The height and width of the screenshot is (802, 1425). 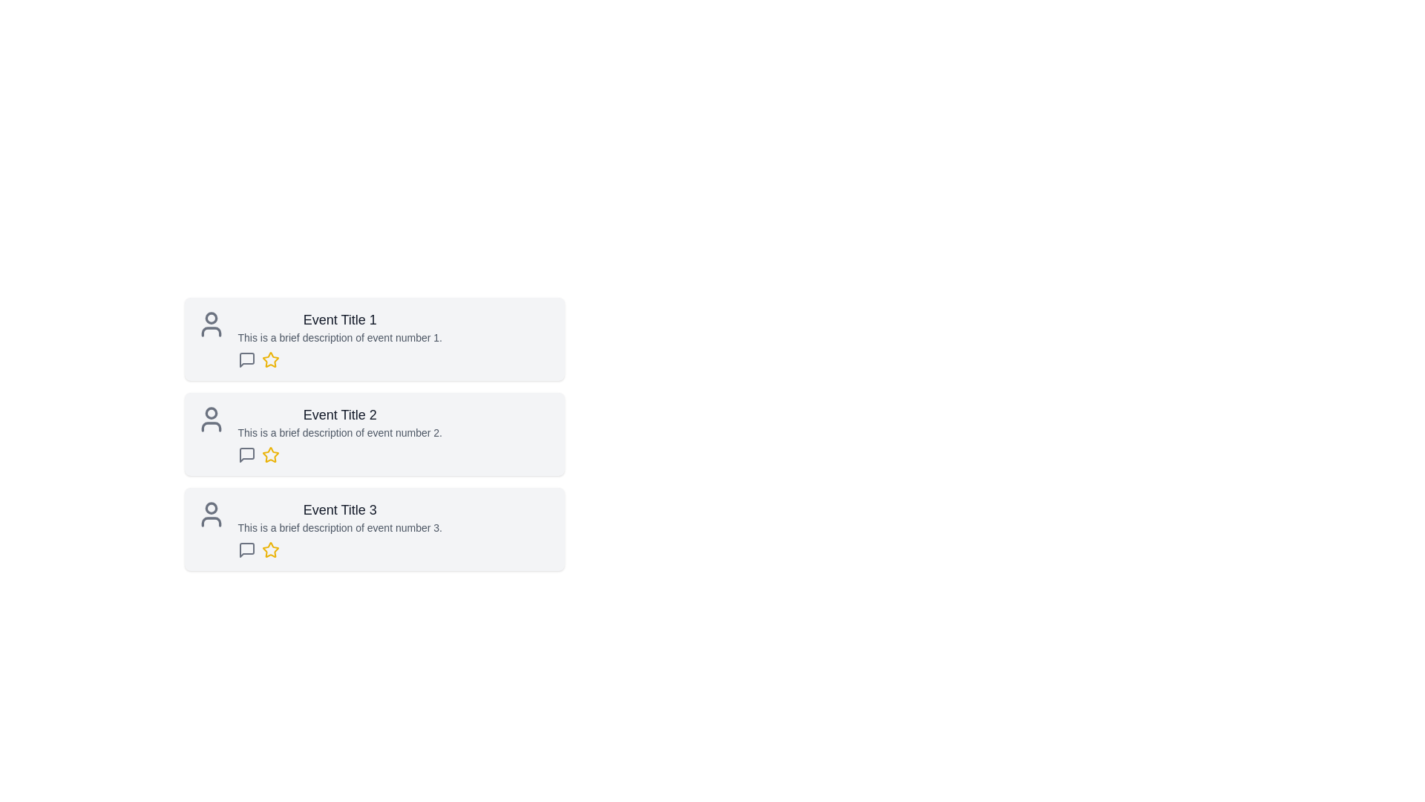 What do you see at coordinates (246, 360) in the screenshot?
I see `the gray speech bubble icon, which is the first icon in a row of two icons located at the bottom right of the first event card` at bounding box center [246, 360].